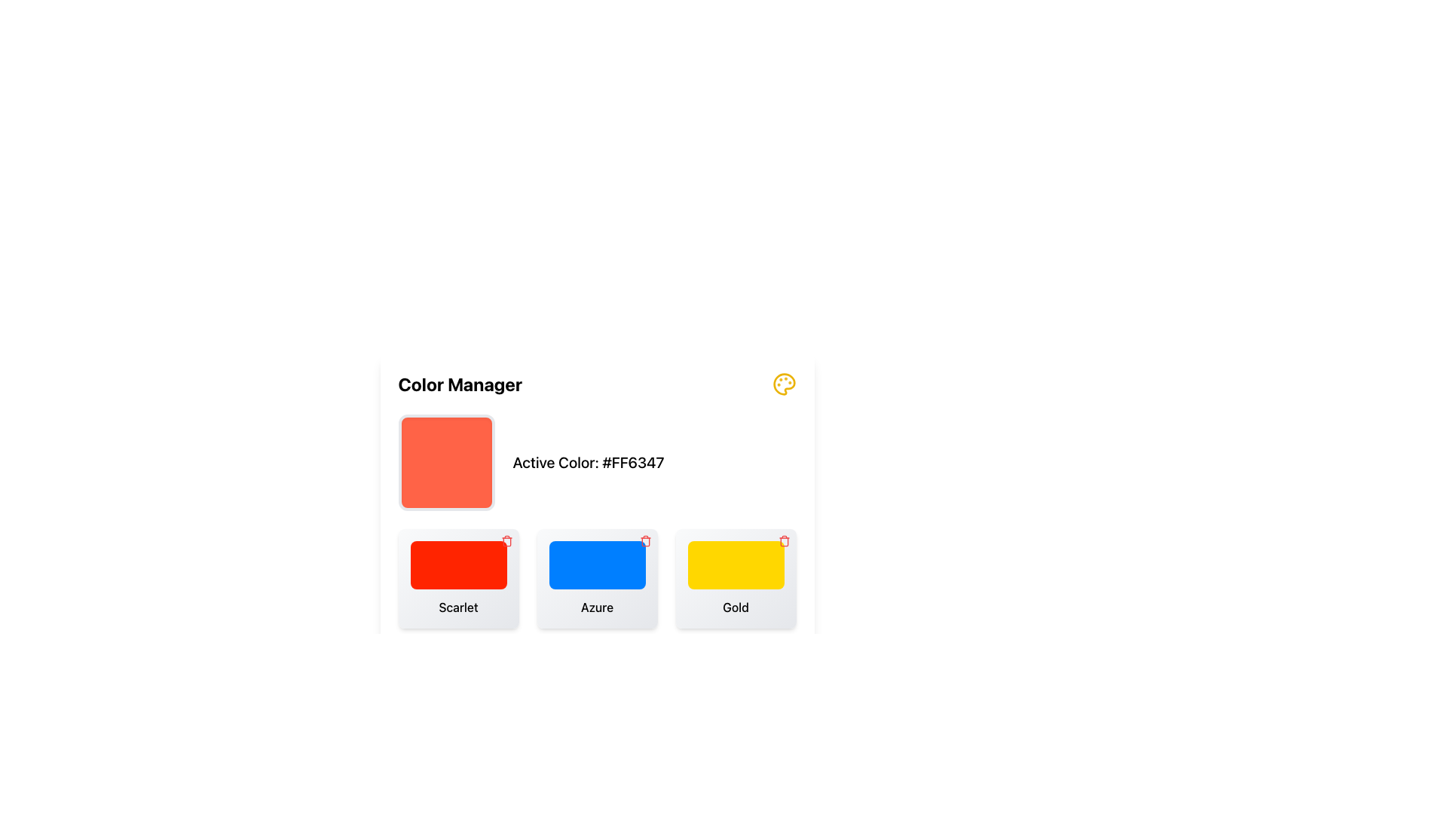 The height and width of the screenshot is (814, 1447). I want to click on the bright gold color swatch with a rounded border that is part of the 'Color Manager' section, located within the card labeled 'Gold', so click(736, 565).